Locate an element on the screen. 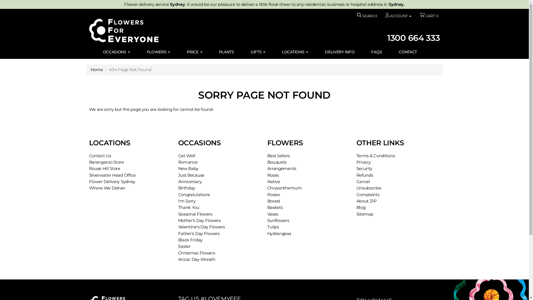  'I'm Sorry' is located at coordinates (178, 201).